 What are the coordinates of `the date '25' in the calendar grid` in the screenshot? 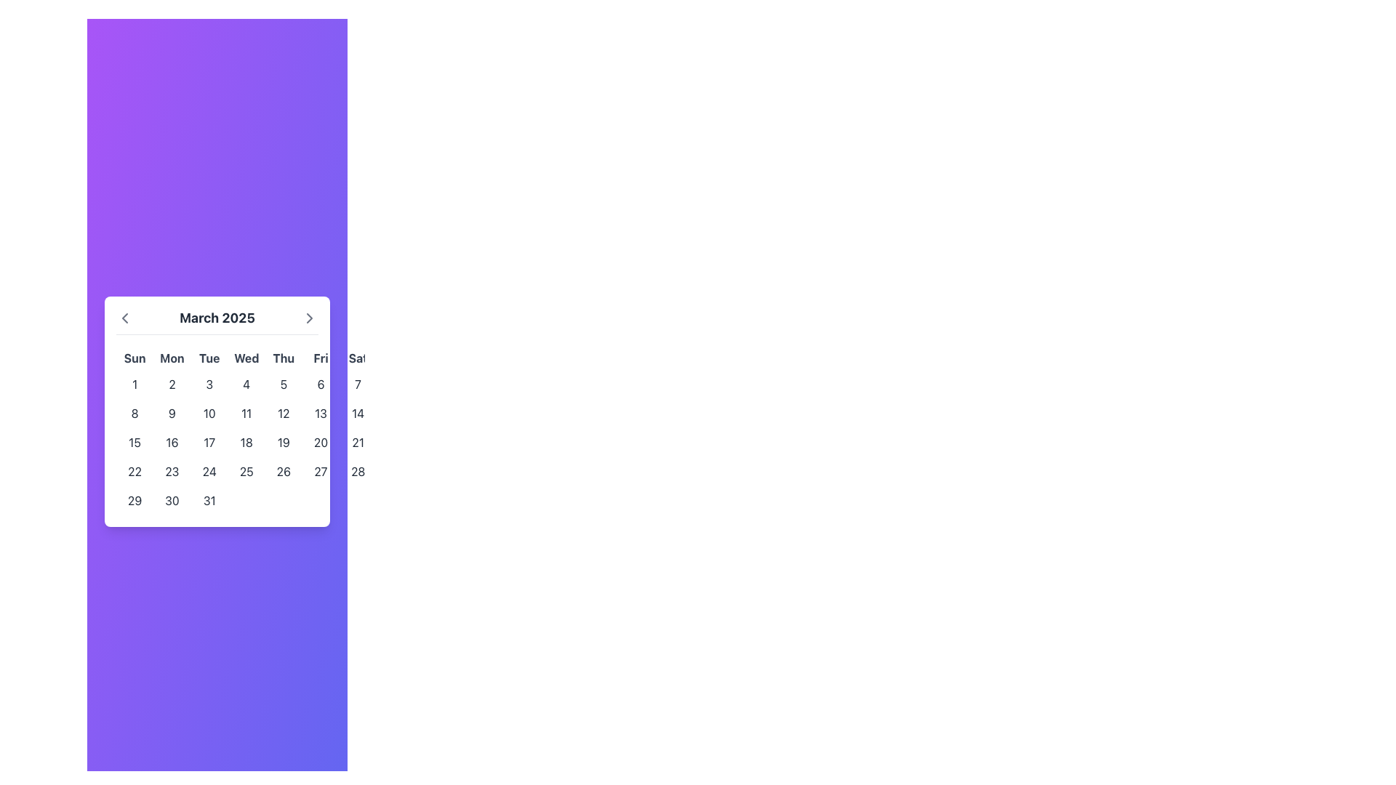 It's located at (246, 471).